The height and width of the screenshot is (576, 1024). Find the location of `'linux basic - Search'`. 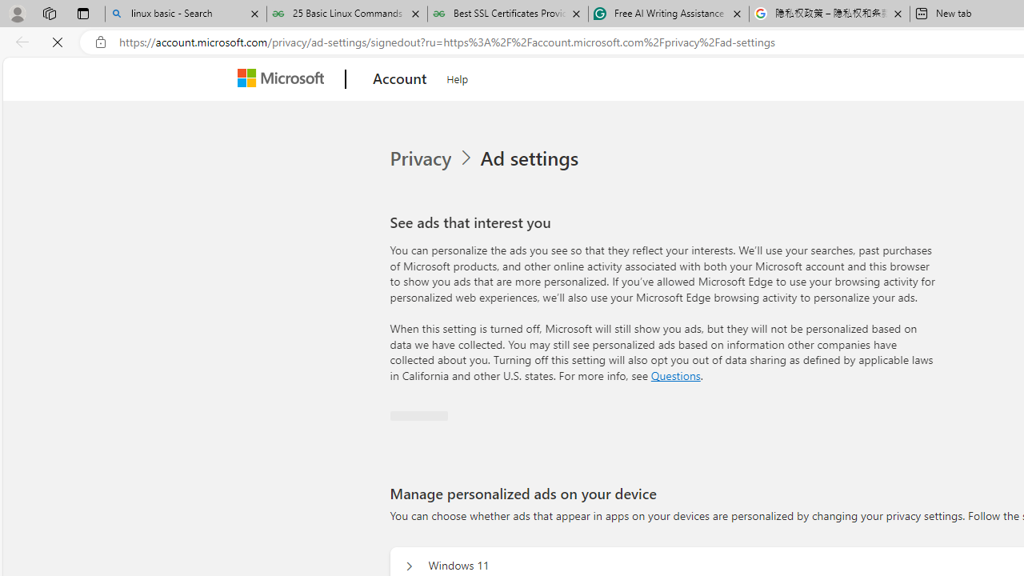

'linux basic - Search' is located at coordinates (186, 14).